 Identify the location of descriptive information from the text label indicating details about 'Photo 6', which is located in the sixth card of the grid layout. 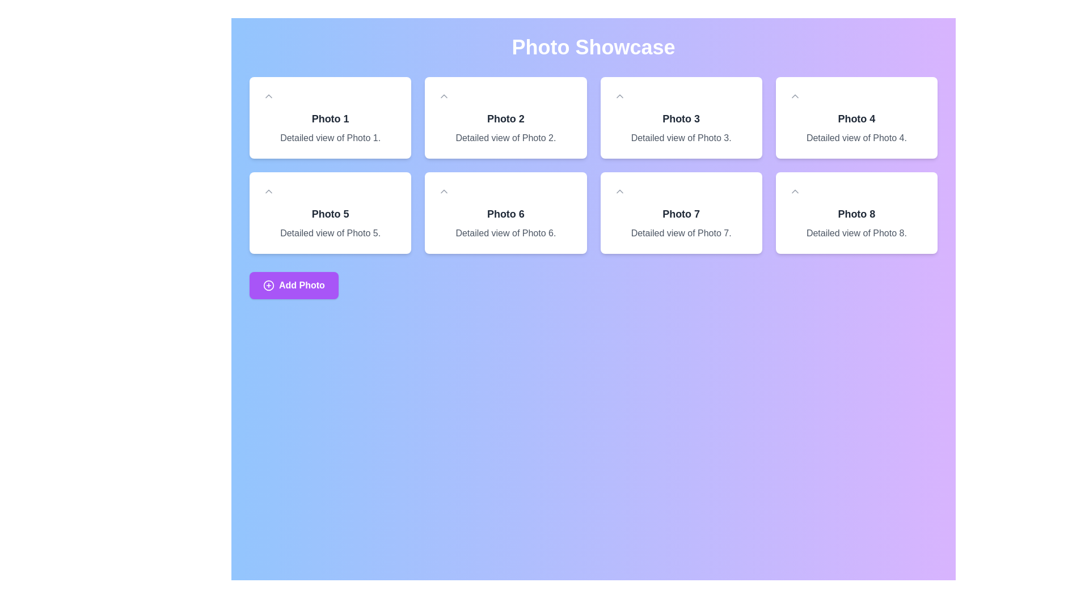
(505, 233).